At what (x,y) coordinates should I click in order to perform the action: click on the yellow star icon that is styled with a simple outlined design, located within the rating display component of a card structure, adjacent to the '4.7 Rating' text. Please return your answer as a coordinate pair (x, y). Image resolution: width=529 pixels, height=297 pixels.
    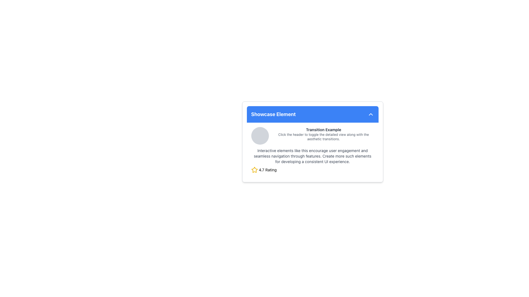
    Looking at the image, I should click on (254, 169).